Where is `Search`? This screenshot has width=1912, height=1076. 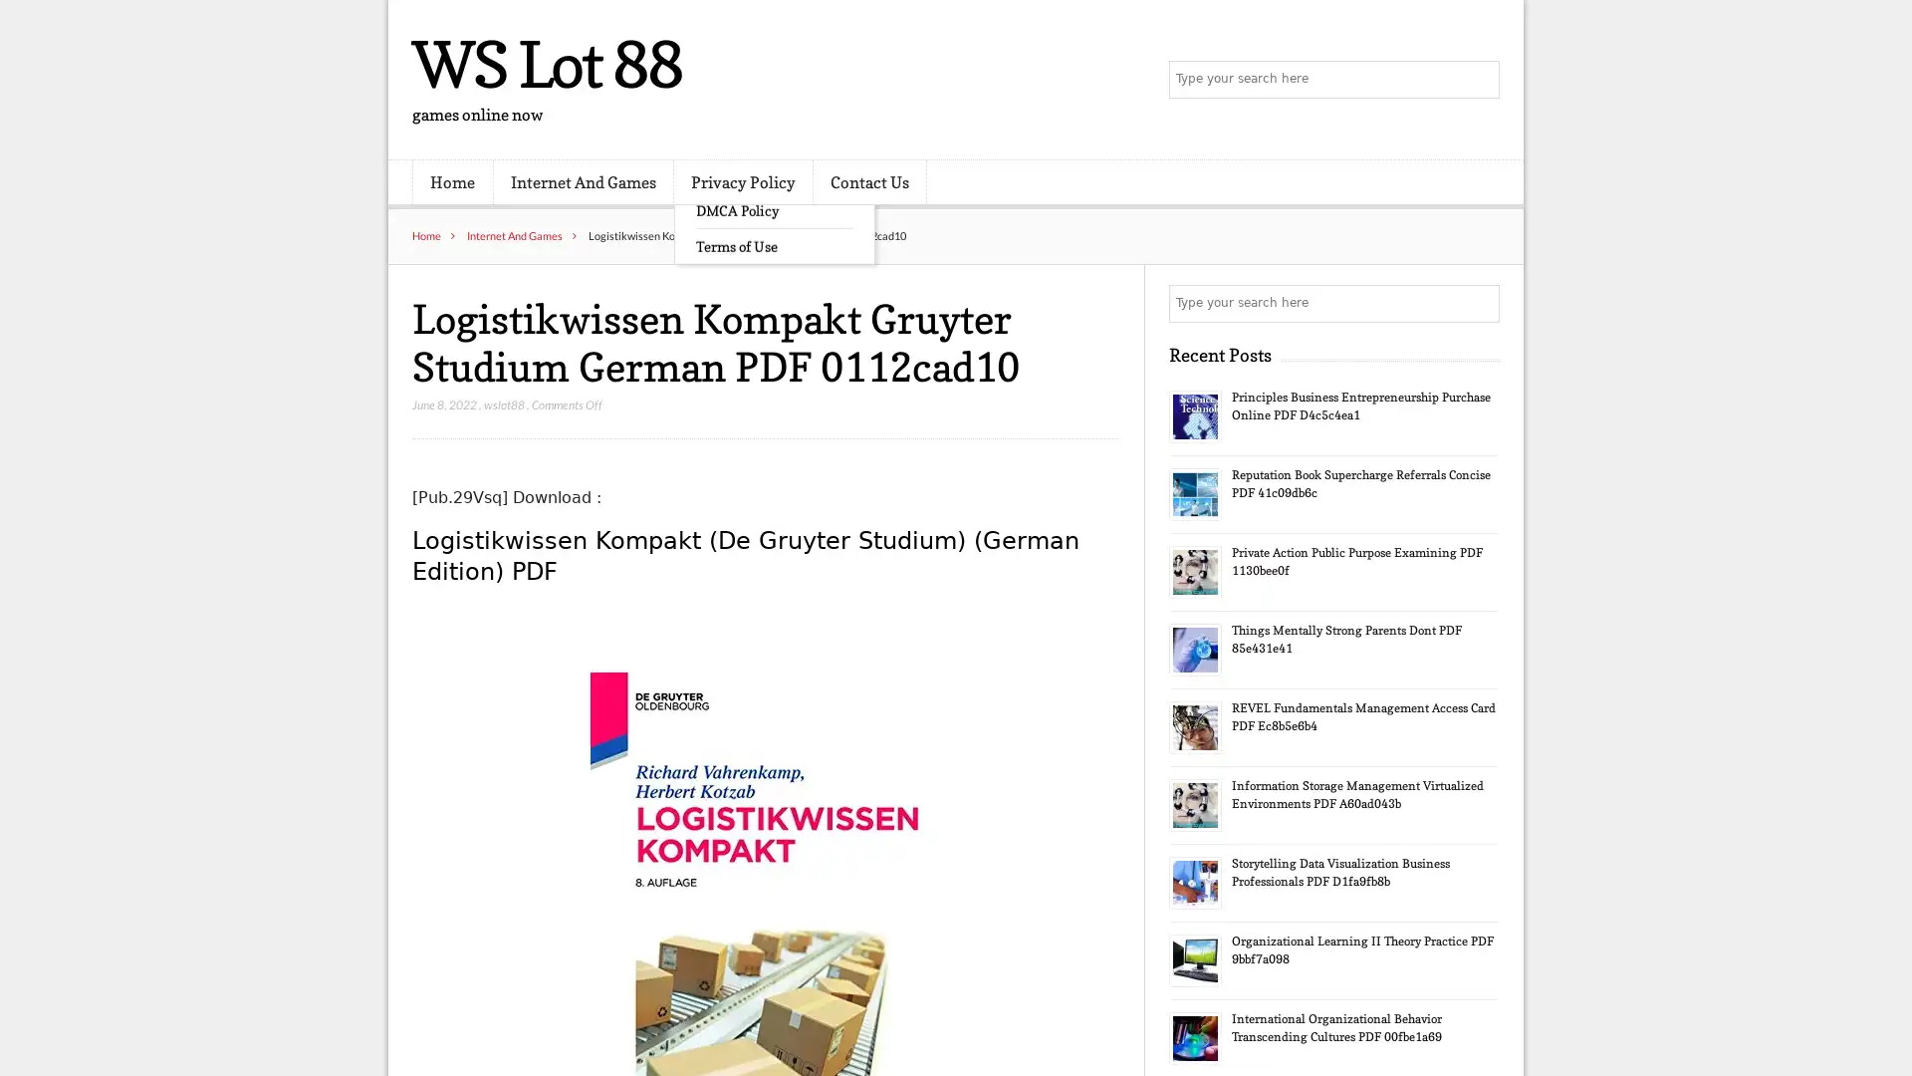 Search is located at coordinates (1479, 80).